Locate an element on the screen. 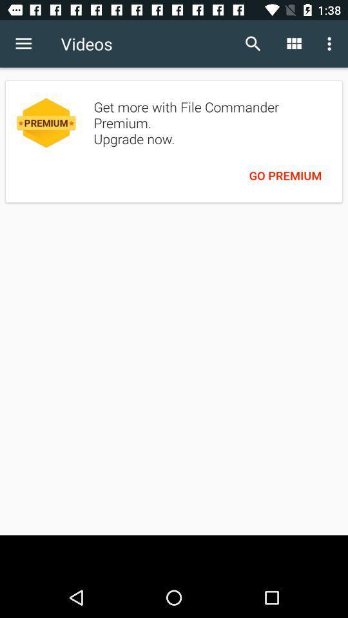  the item next to videos item is located at coordinates (23, 44).